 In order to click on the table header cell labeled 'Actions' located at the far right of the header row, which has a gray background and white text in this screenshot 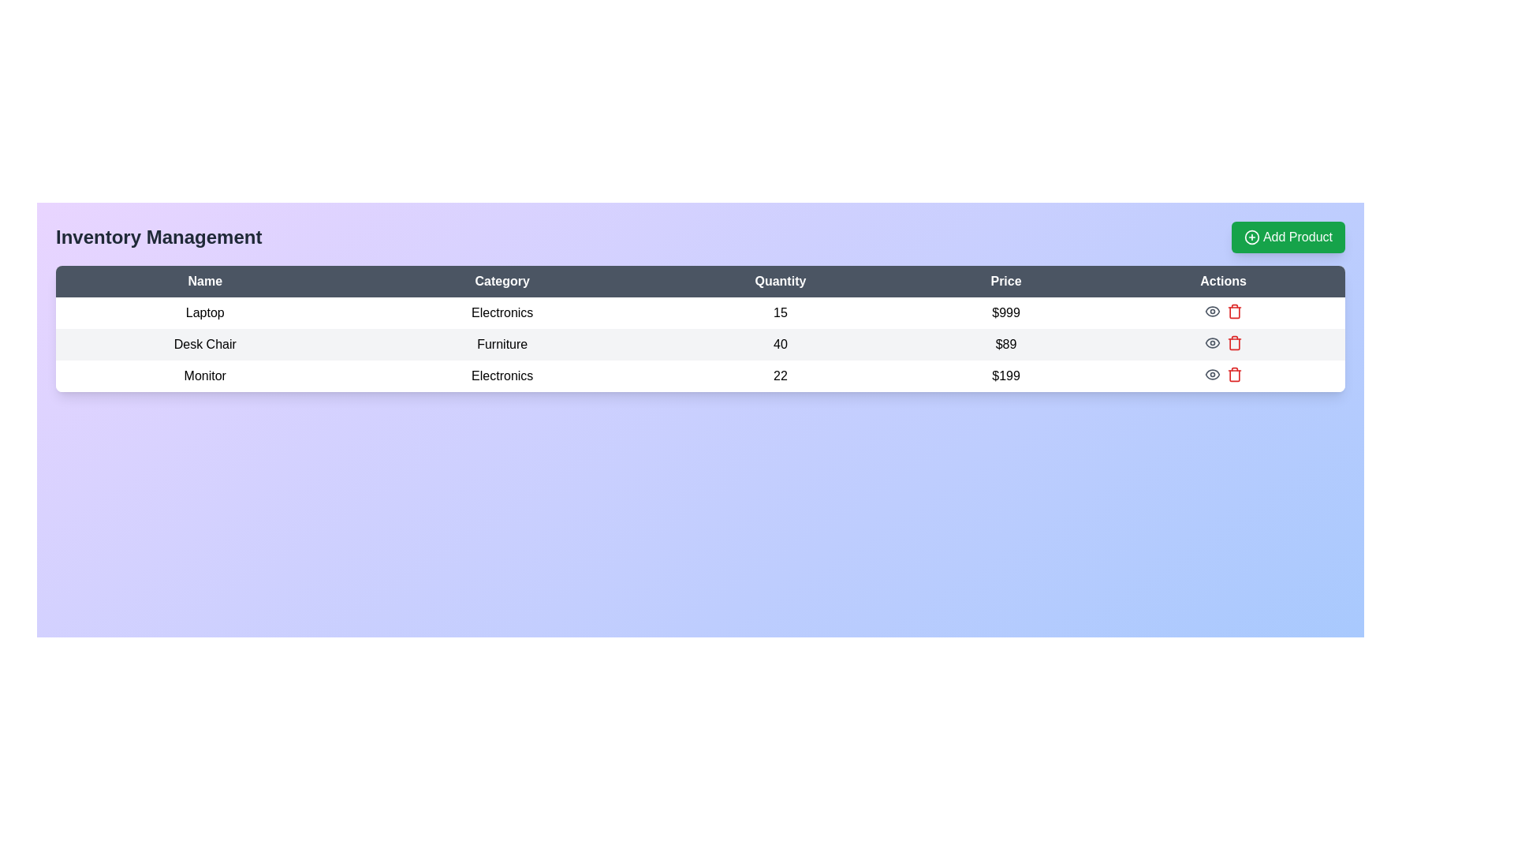, I will do `click(1222, 281)`.